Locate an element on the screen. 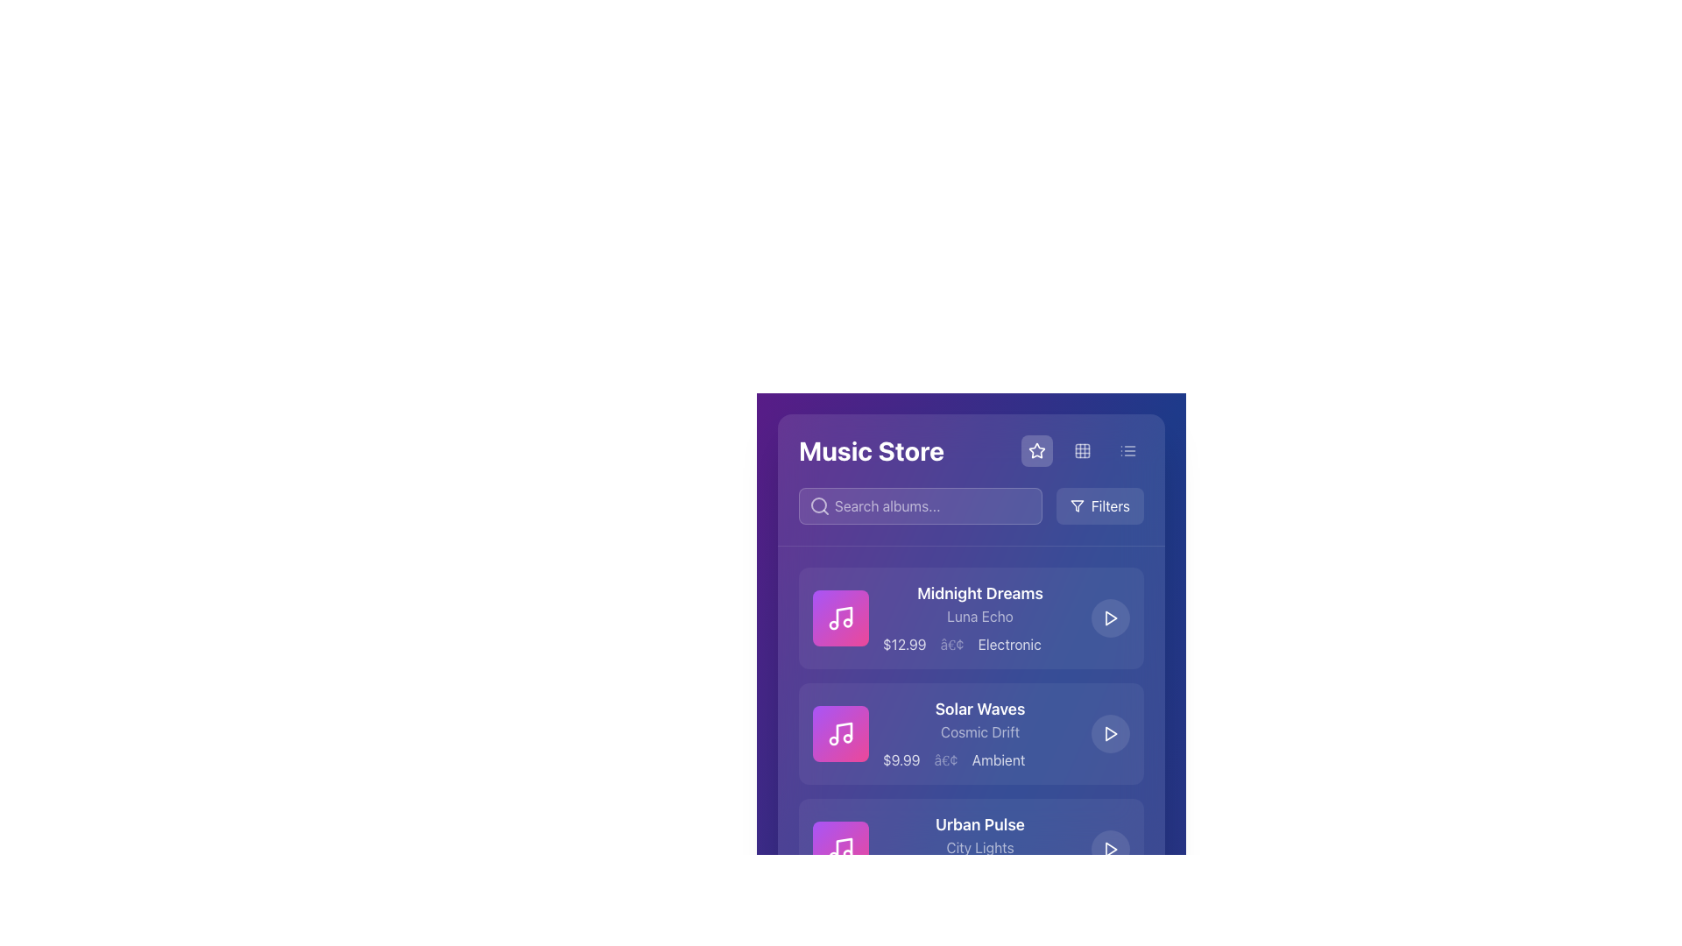 Image resolution: width=1682 pixels, height=946 pixels. the white music icon styled with a linear stroke, which is the third icon from the top in the Music Store interface, aligned with the album name 'Urban Pulse.' is located at coordinates (841, 848).